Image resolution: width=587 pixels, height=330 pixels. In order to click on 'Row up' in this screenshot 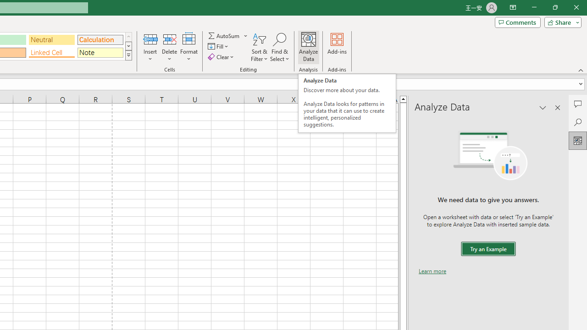, I will do `click(128, 36)`.